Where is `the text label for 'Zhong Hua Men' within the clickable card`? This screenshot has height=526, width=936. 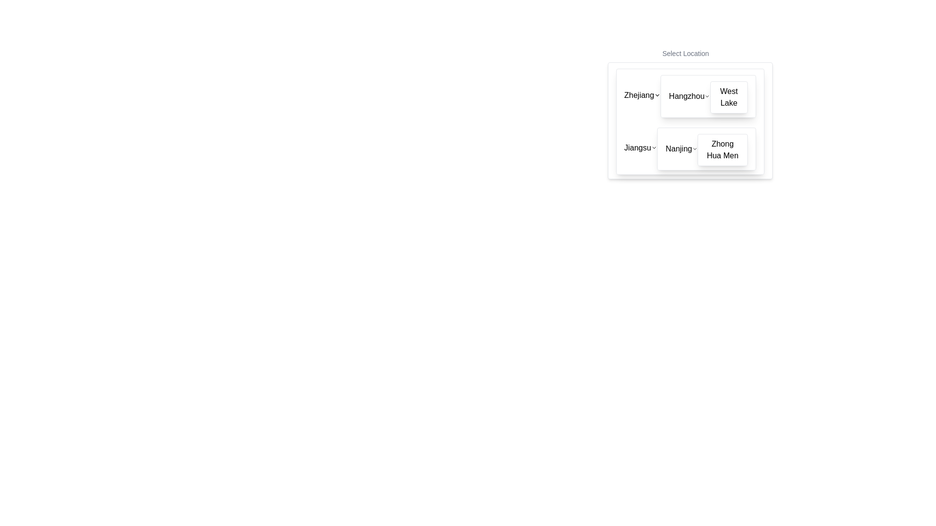
the text label for 'Zhong Hua Men' within the clickable card is located at coordinates (722, 150).